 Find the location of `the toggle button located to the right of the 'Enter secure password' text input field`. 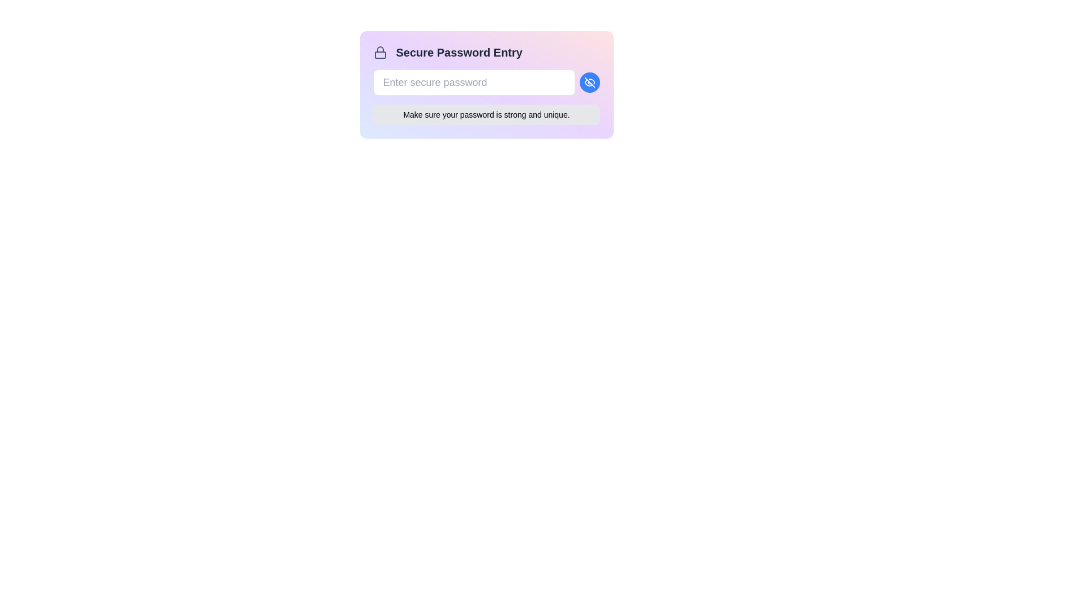

the toggle button located to the right of the 'Enter secure password' text input field is located at coordinates (589, 82).